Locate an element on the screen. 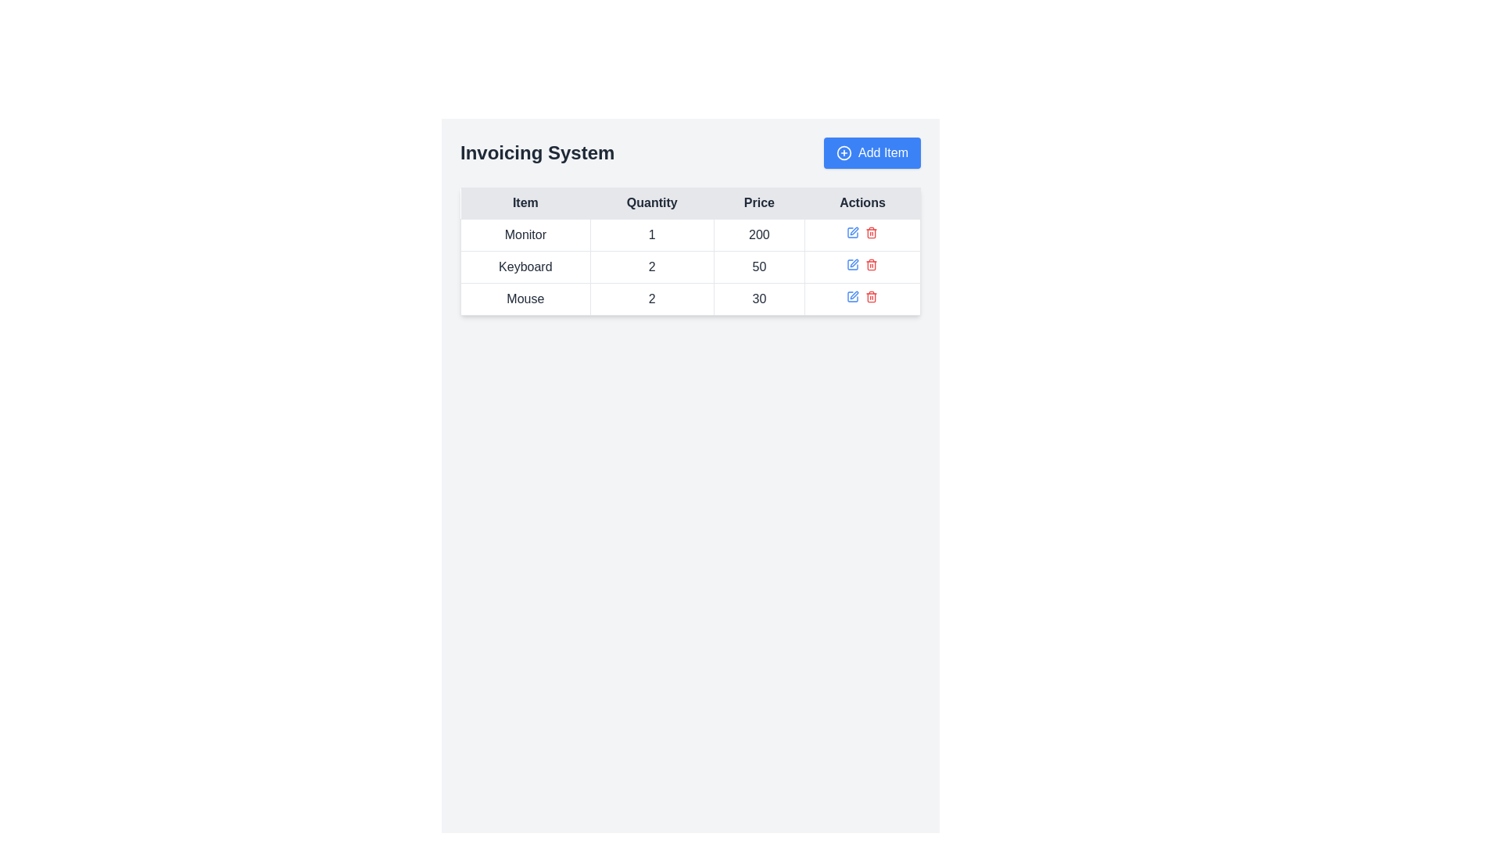  the edit icon button in the 'Actions' column for the 'Mouse' item is located at coordinates (852, 297).